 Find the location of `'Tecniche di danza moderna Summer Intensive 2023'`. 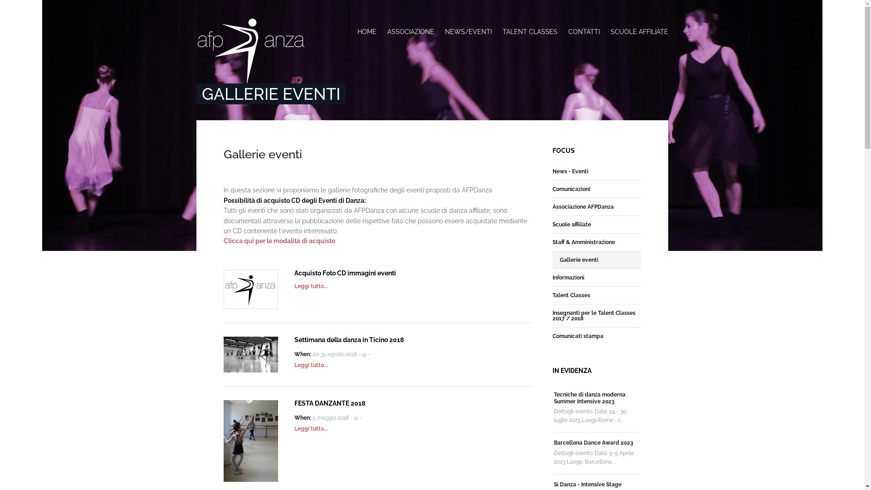

'Tecniche di danza moderna Summer Intensive 2023' is located at coordinates (590, 397).